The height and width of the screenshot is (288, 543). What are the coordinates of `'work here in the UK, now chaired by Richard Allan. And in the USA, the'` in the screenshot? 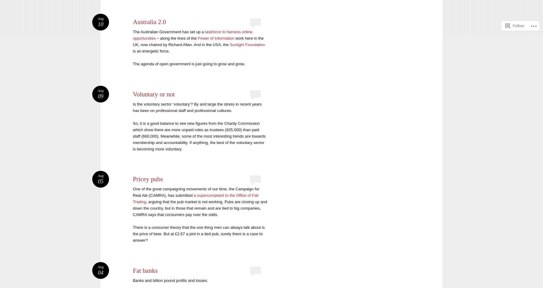 It's located at (133, 41).